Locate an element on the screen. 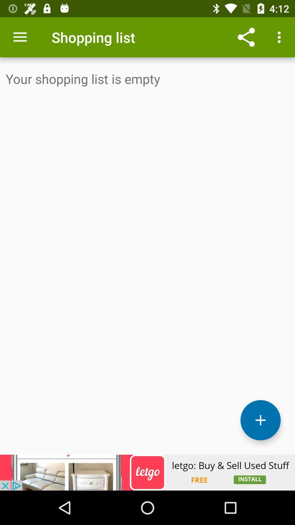 The height and width of the screenshot is (525, 295). new item is located at coordinates (260, 420).